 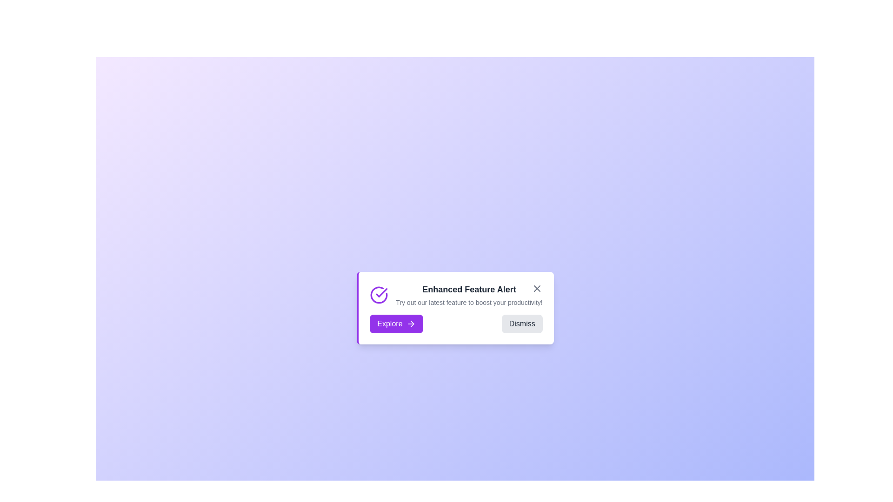 I want to click on the 'Dismiss' button to close the announcement, so click(x=522, y=324).